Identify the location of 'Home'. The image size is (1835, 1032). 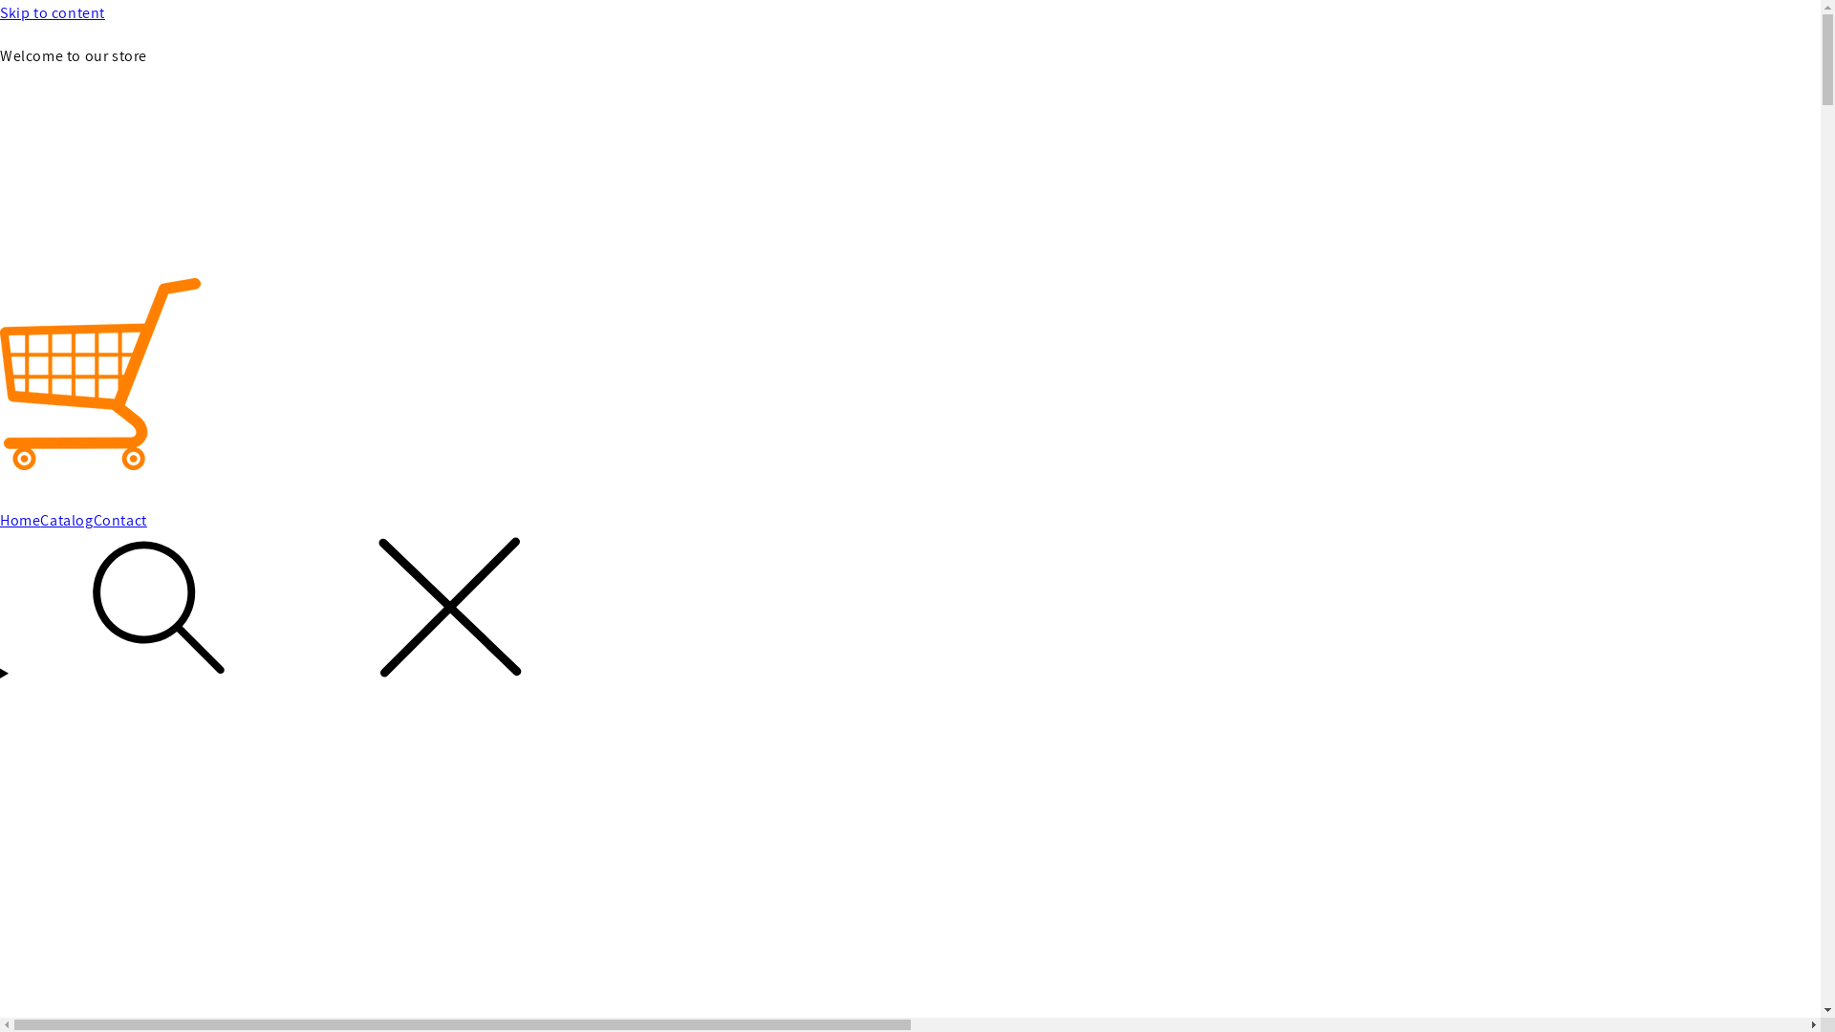
(0, 521).